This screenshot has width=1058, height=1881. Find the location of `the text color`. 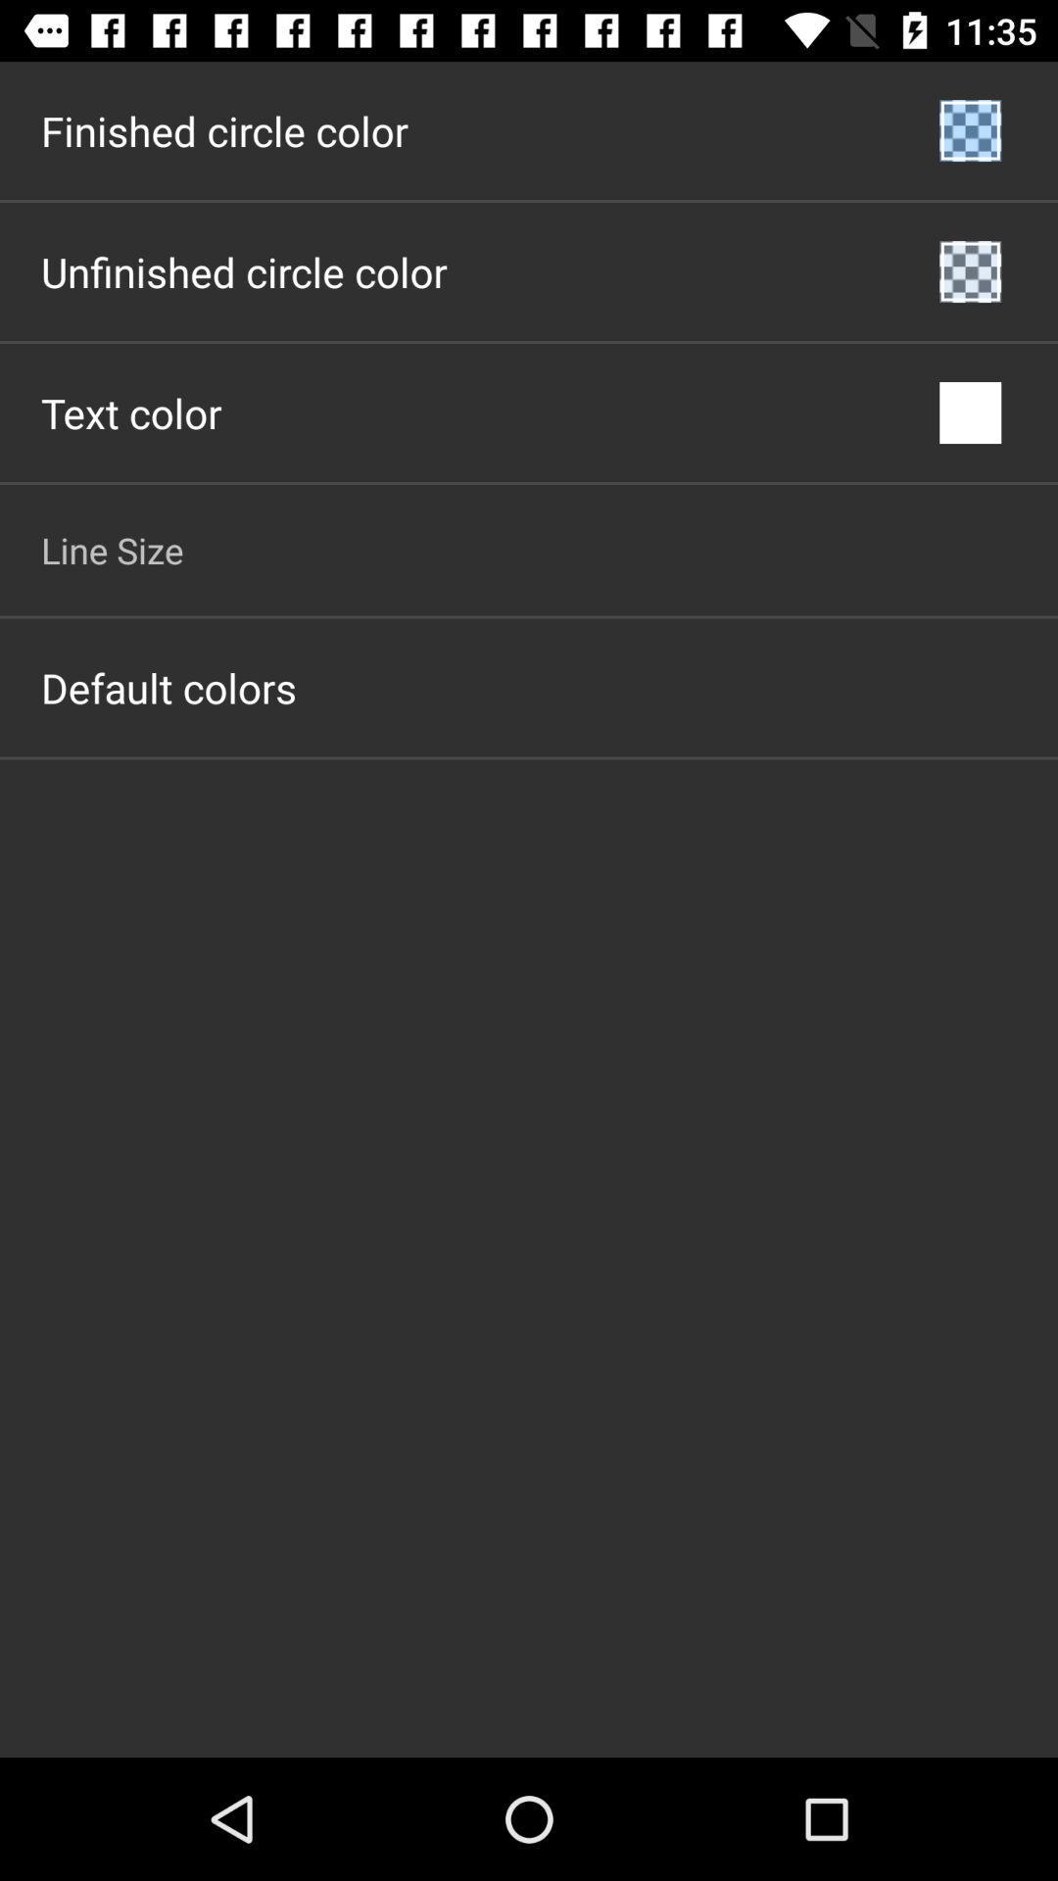

the text color is located at coordinates (131, 411).